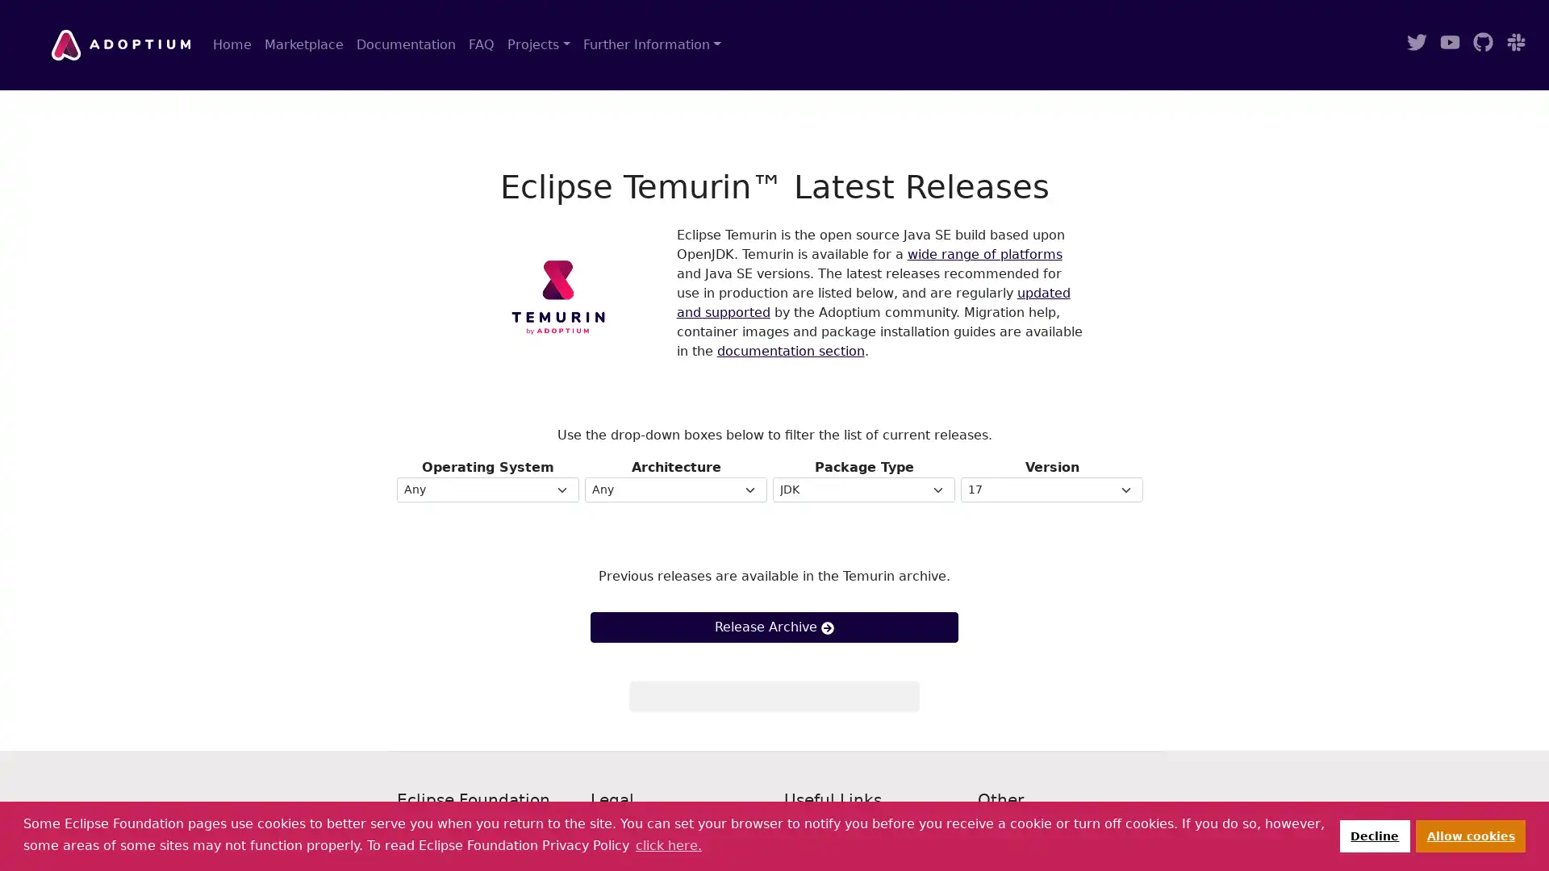 This screenshot has height=871, width=1549. I want to click on Further Information, so click(651, 44).